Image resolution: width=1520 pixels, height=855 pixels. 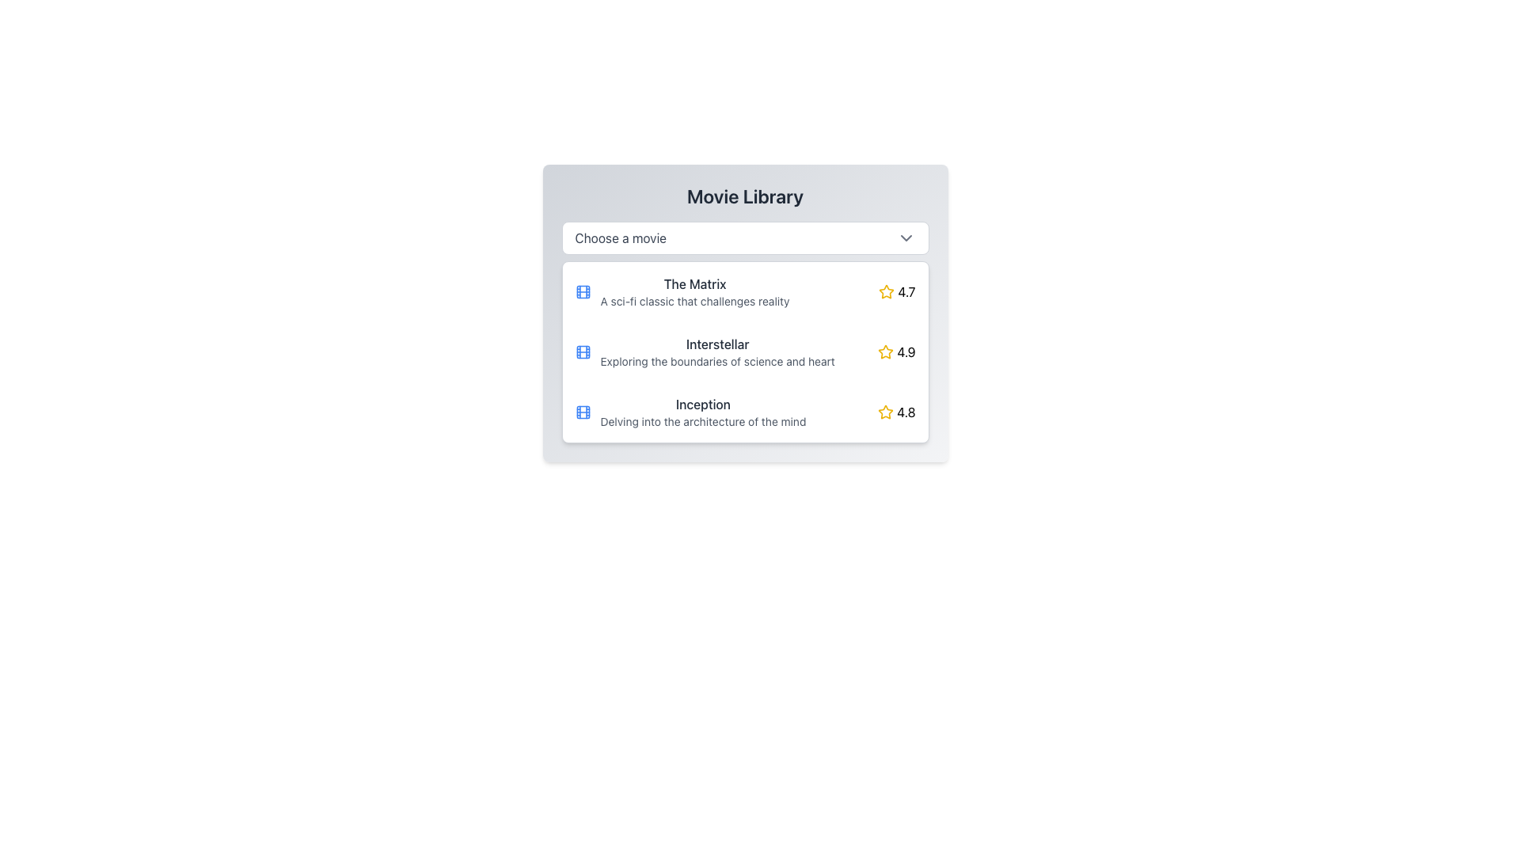 I want to click on the first item in the movie summary list, which is a text block summarizing the movie's title and description, positioned centrally within a white card with rounded edges, so click(x=695, y=292).